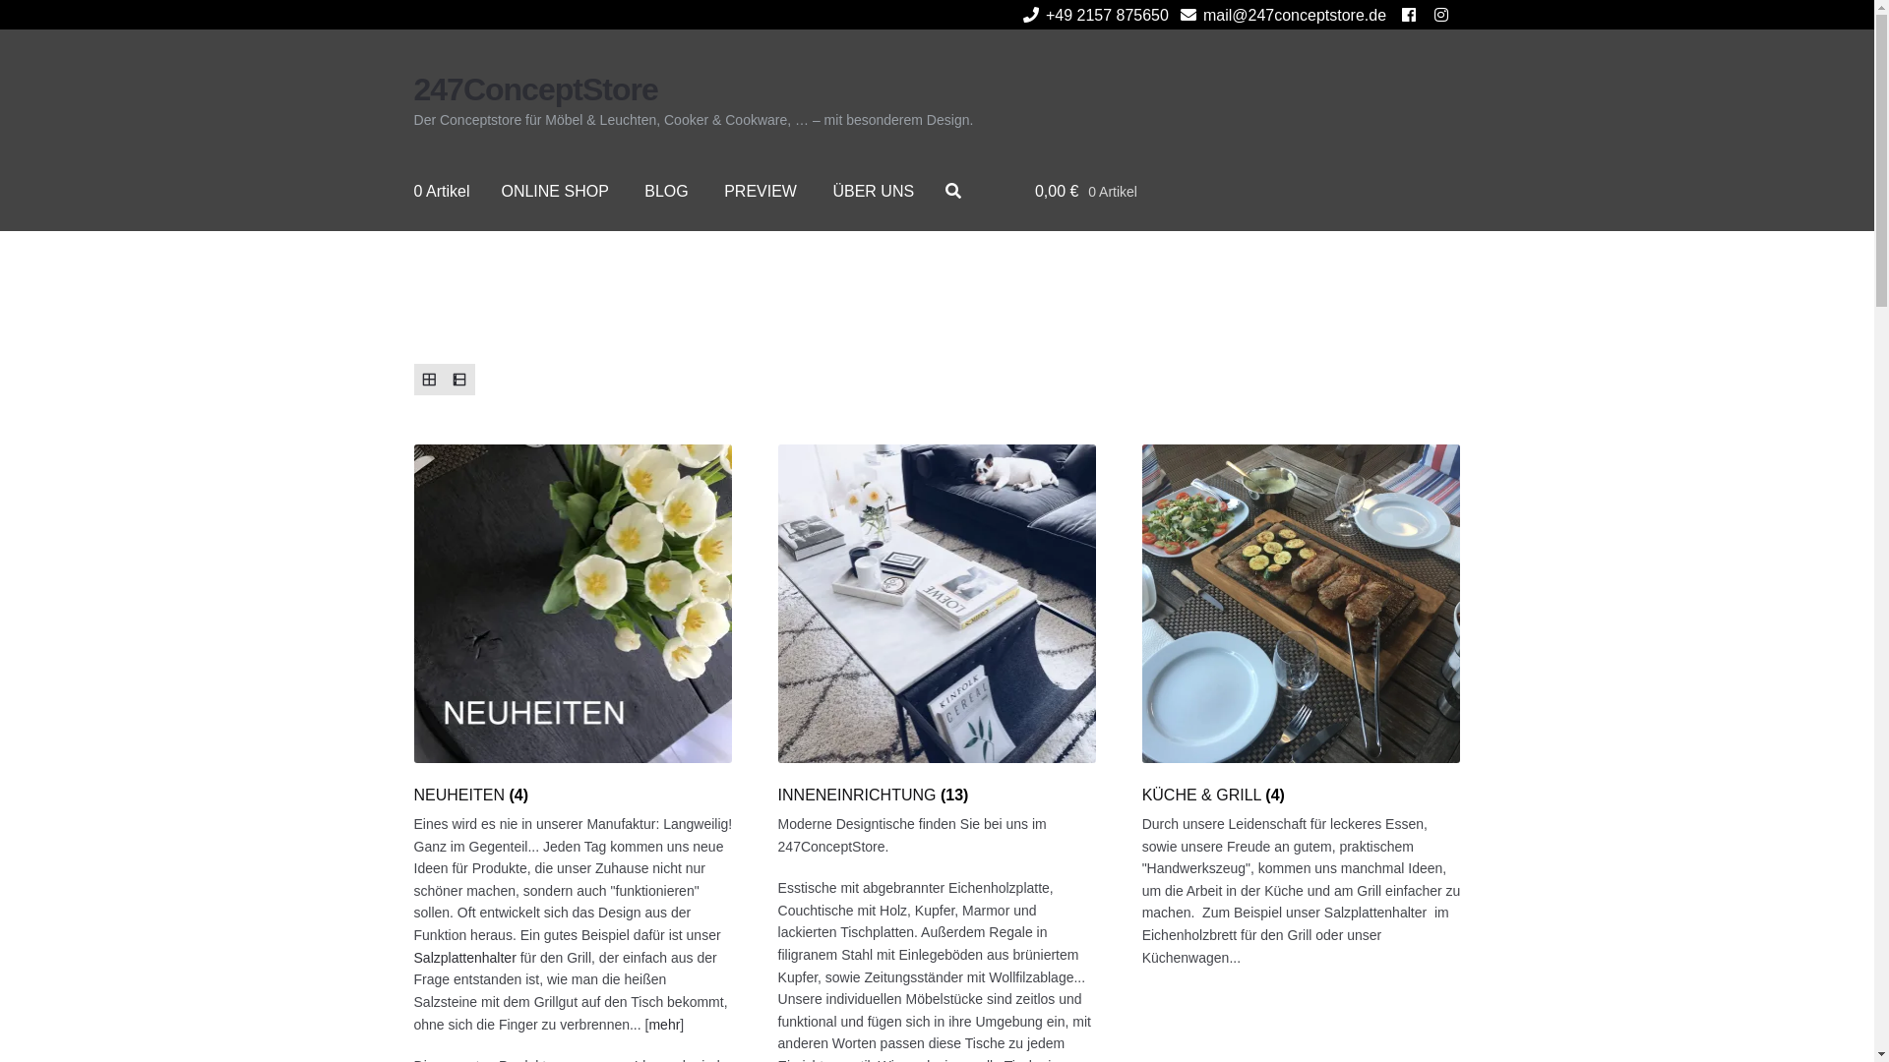  What do you see at coordinates (412, 69) in the screenshot?
I see `'Zur Navigation springen'` at bounding box center [412, 69].